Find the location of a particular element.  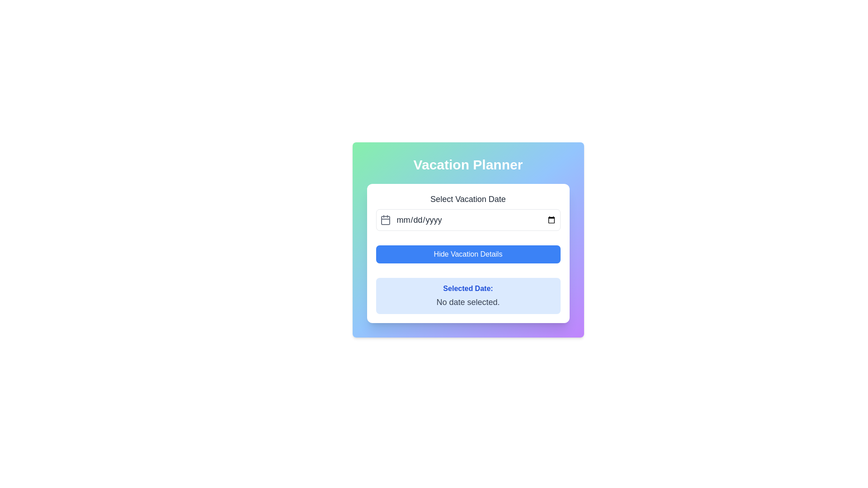

the main body of the calendar icon, which is represented by a rectangle to the left of the text input field labeled 'mm/dd/yyyy' is located at coordinates (385, 221).